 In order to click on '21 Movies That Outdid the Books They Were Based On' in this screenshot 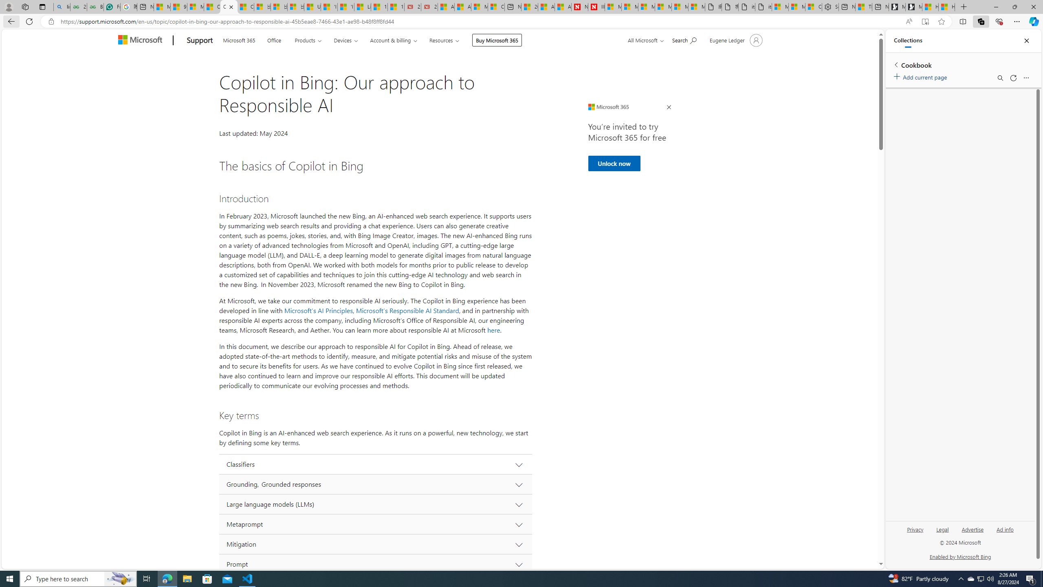, I will do `click(429, 7)`.